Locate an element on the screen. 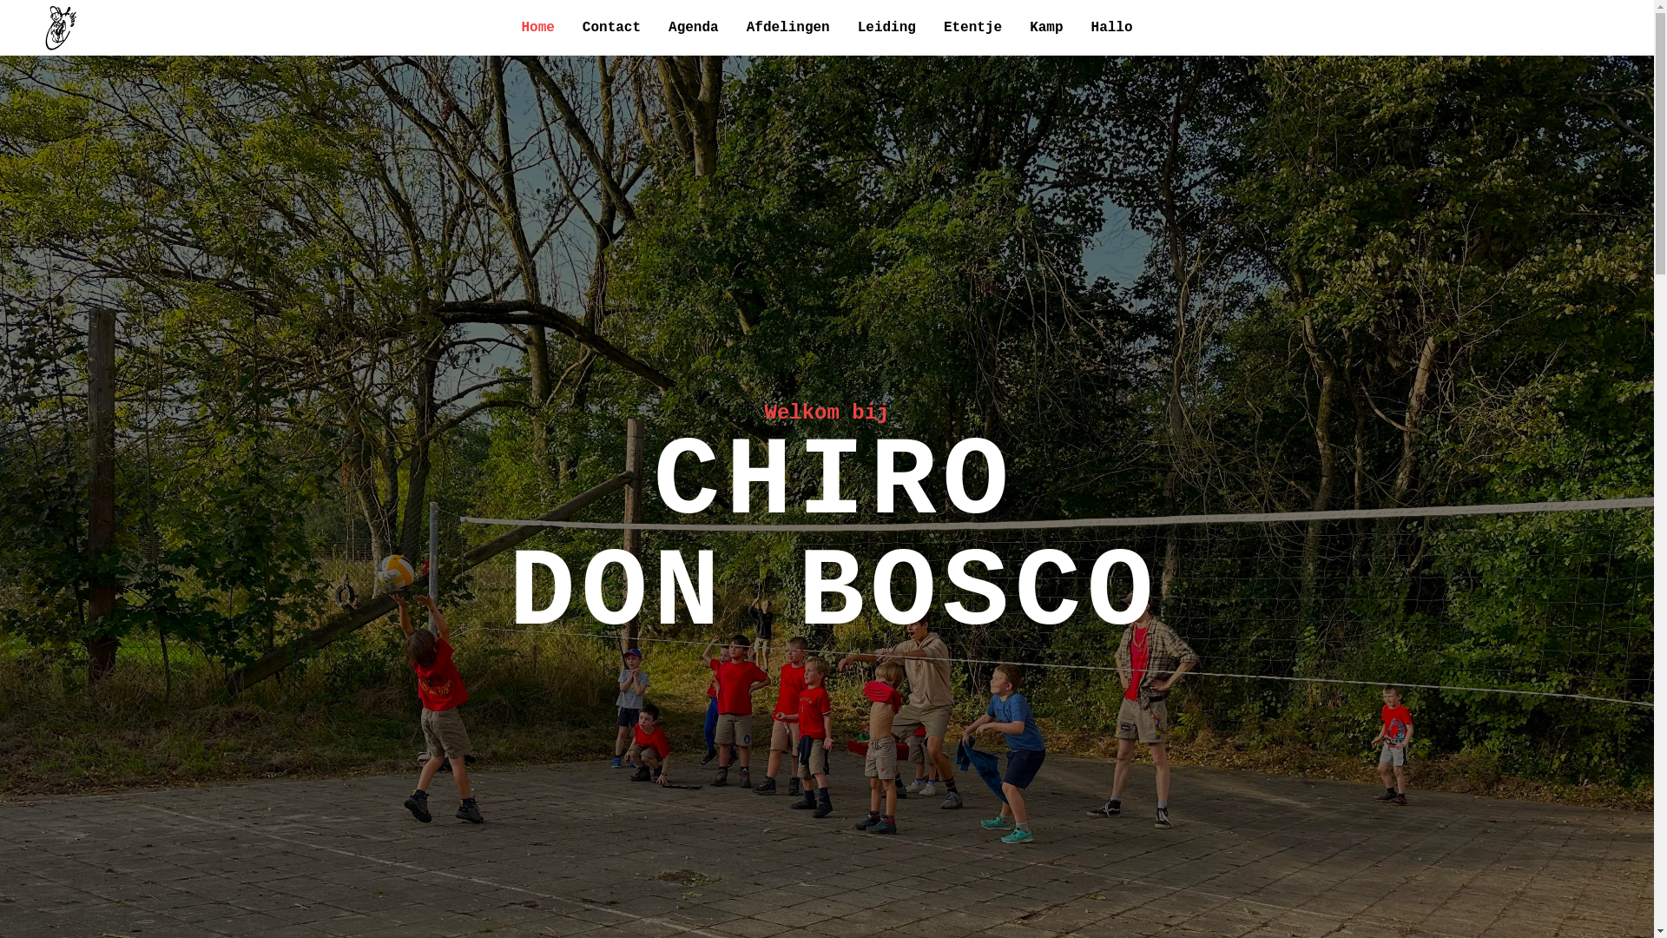 Image resolution: width=1667 pixels, height=938 pixels. 'Leiding' is located at coordinates (886, 27).